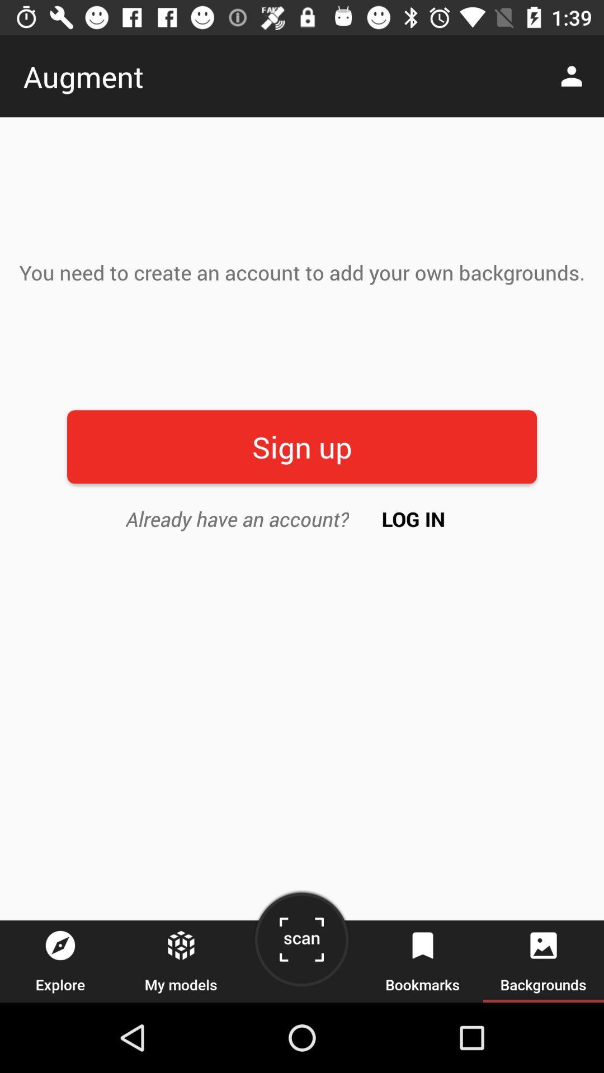 The width and height of the screenshot is (604, 1073). Describe the element at coordinates (413, 518) in the screenshot. I see `the item to the right of the already have an icon` at that location.